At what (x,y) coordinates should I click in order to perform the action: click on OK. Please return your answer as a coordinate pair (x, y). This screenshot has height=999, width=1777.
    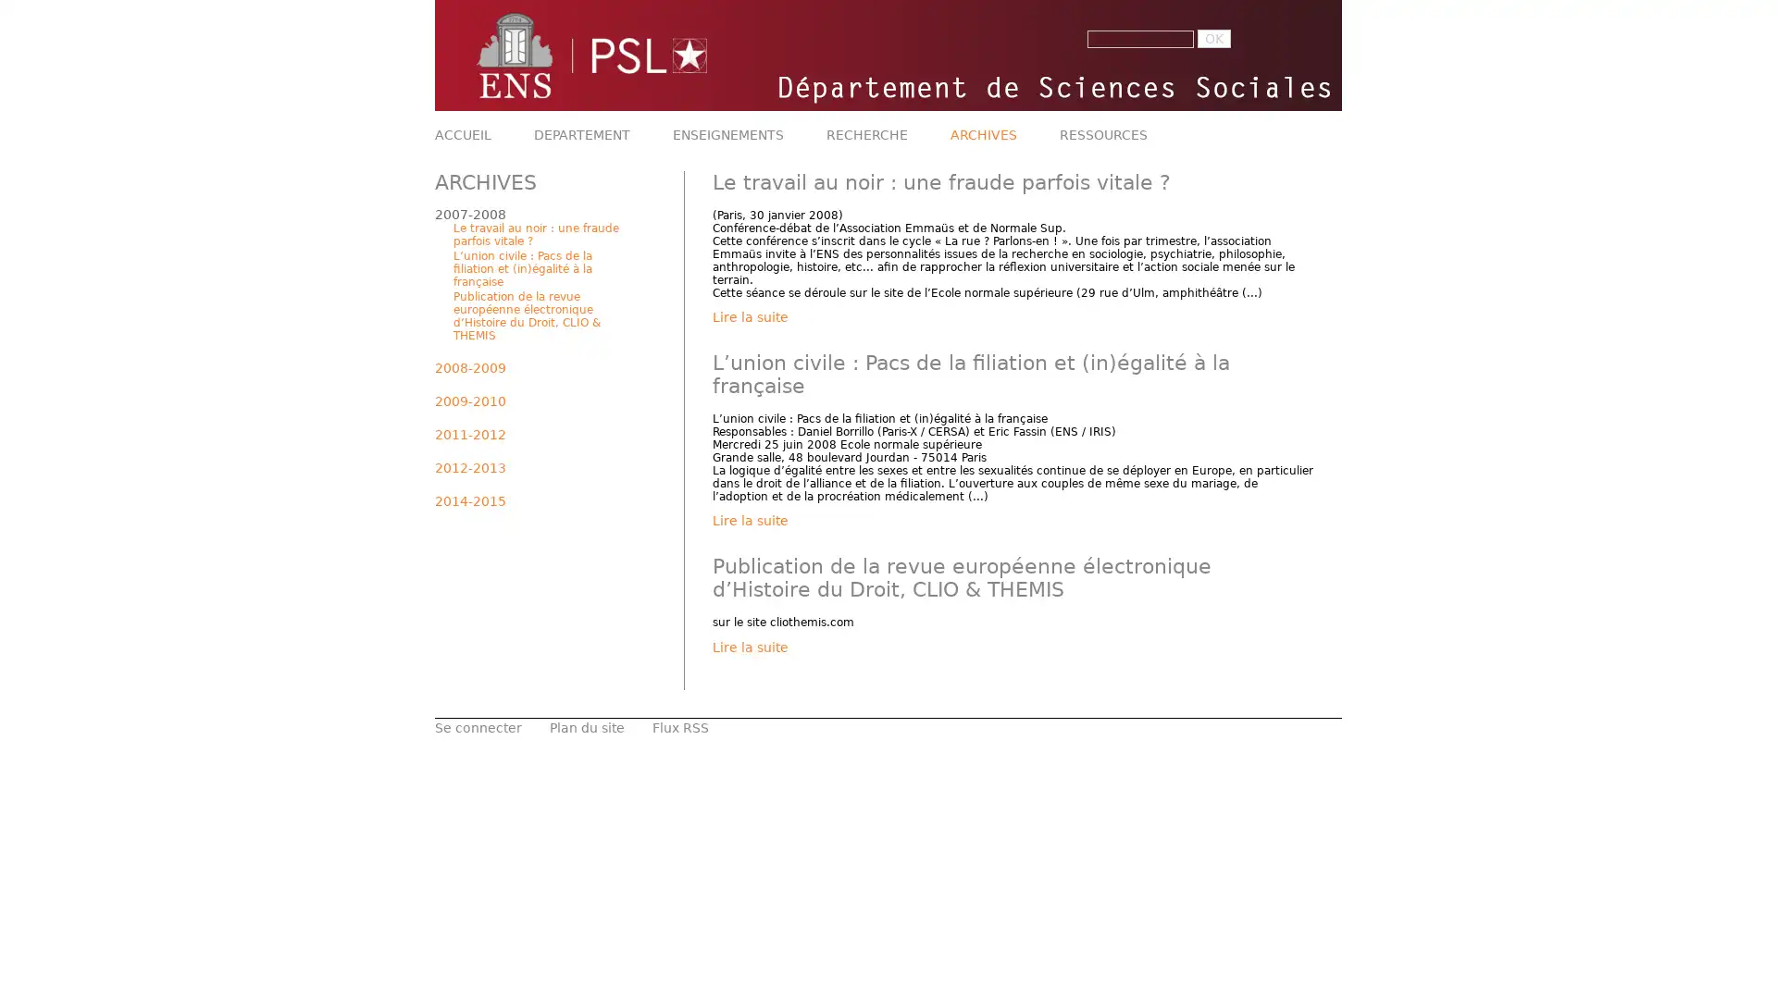
    Looking at the image, I should click on (1213, 39).